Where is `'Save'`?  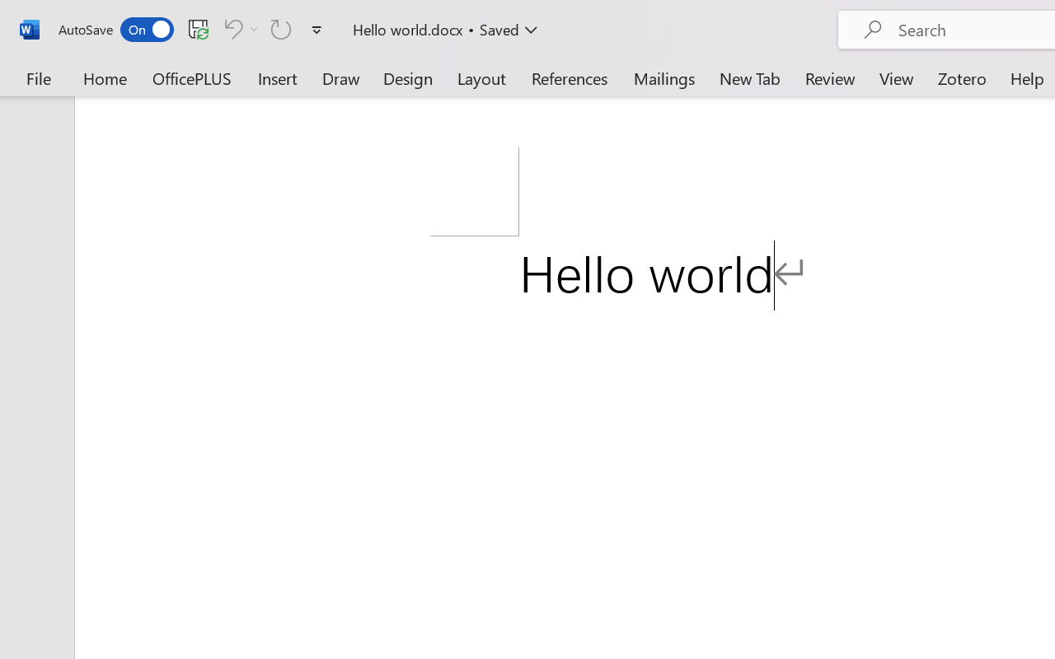
'Save' is located at coordinates (198, 28).